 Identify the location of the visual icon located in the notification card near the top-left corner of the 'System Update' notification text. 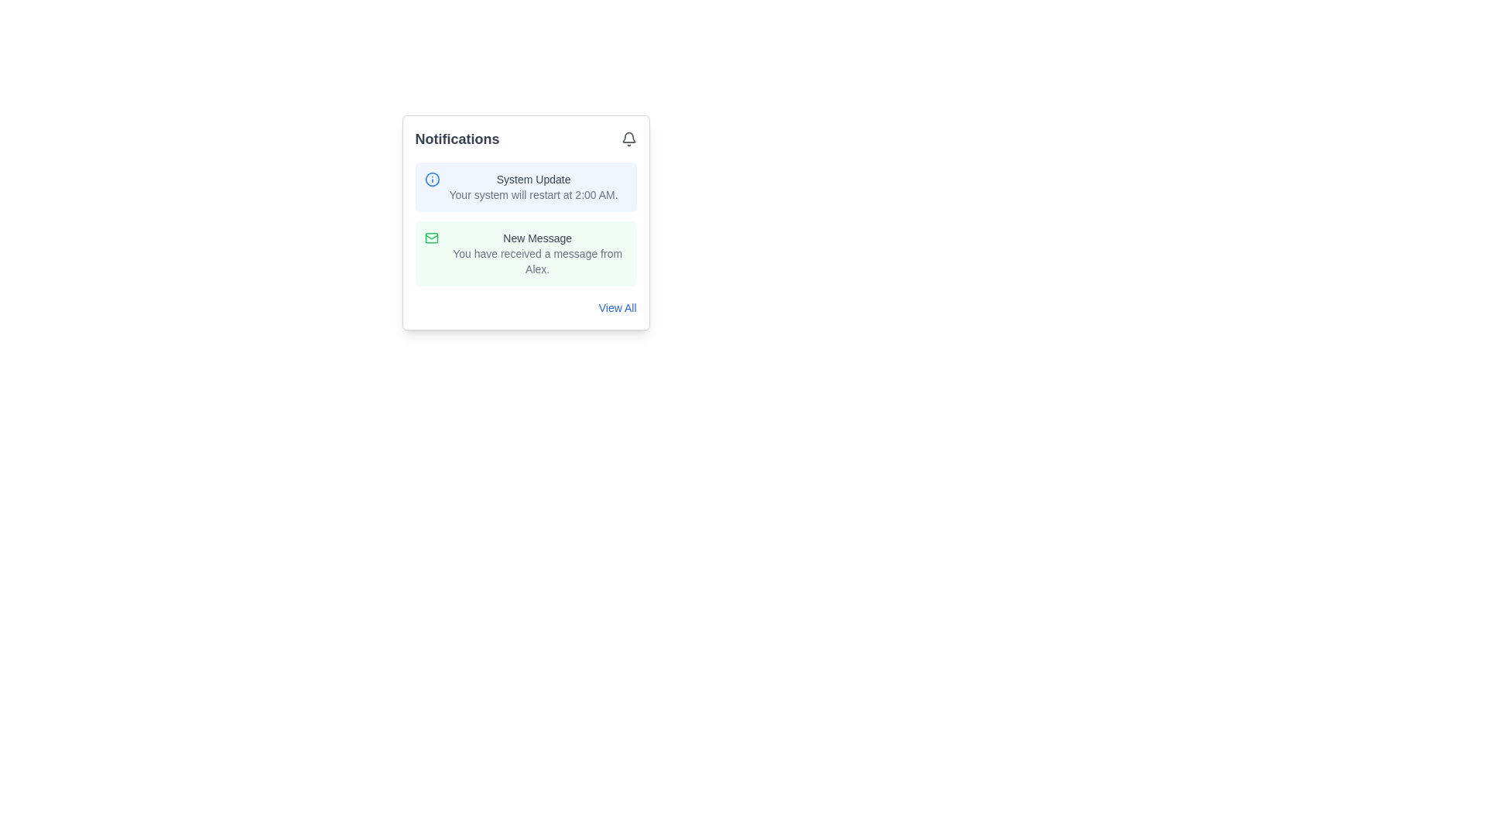
(432, 178).